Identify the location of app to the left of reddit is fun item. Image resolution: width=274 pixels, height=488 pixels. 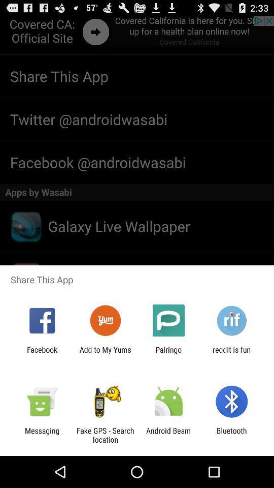
(168, 354).